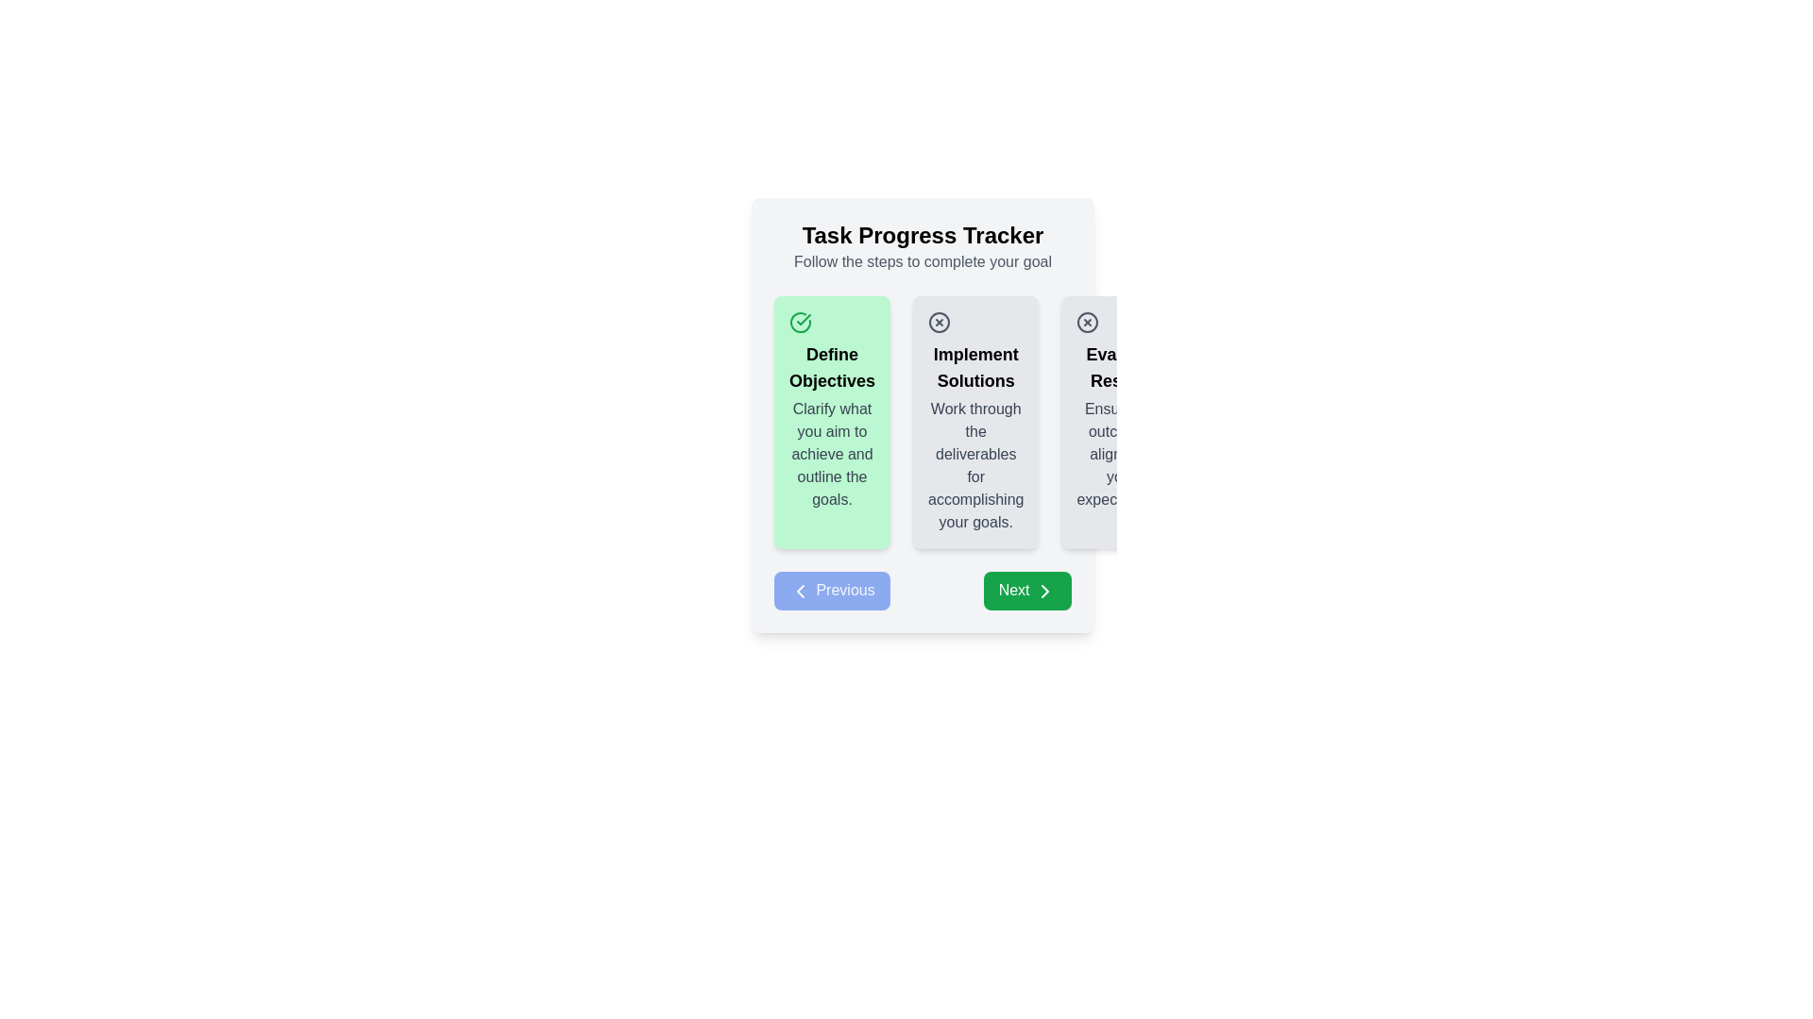  What do you see at coordinates (1088, 322) in the screenshot?
I see `the circular graphical component with a solid X shape located in the top-right corner of the 'Evaluate Results' card in the progress tracker layout` at bounding box center [1088, 322].